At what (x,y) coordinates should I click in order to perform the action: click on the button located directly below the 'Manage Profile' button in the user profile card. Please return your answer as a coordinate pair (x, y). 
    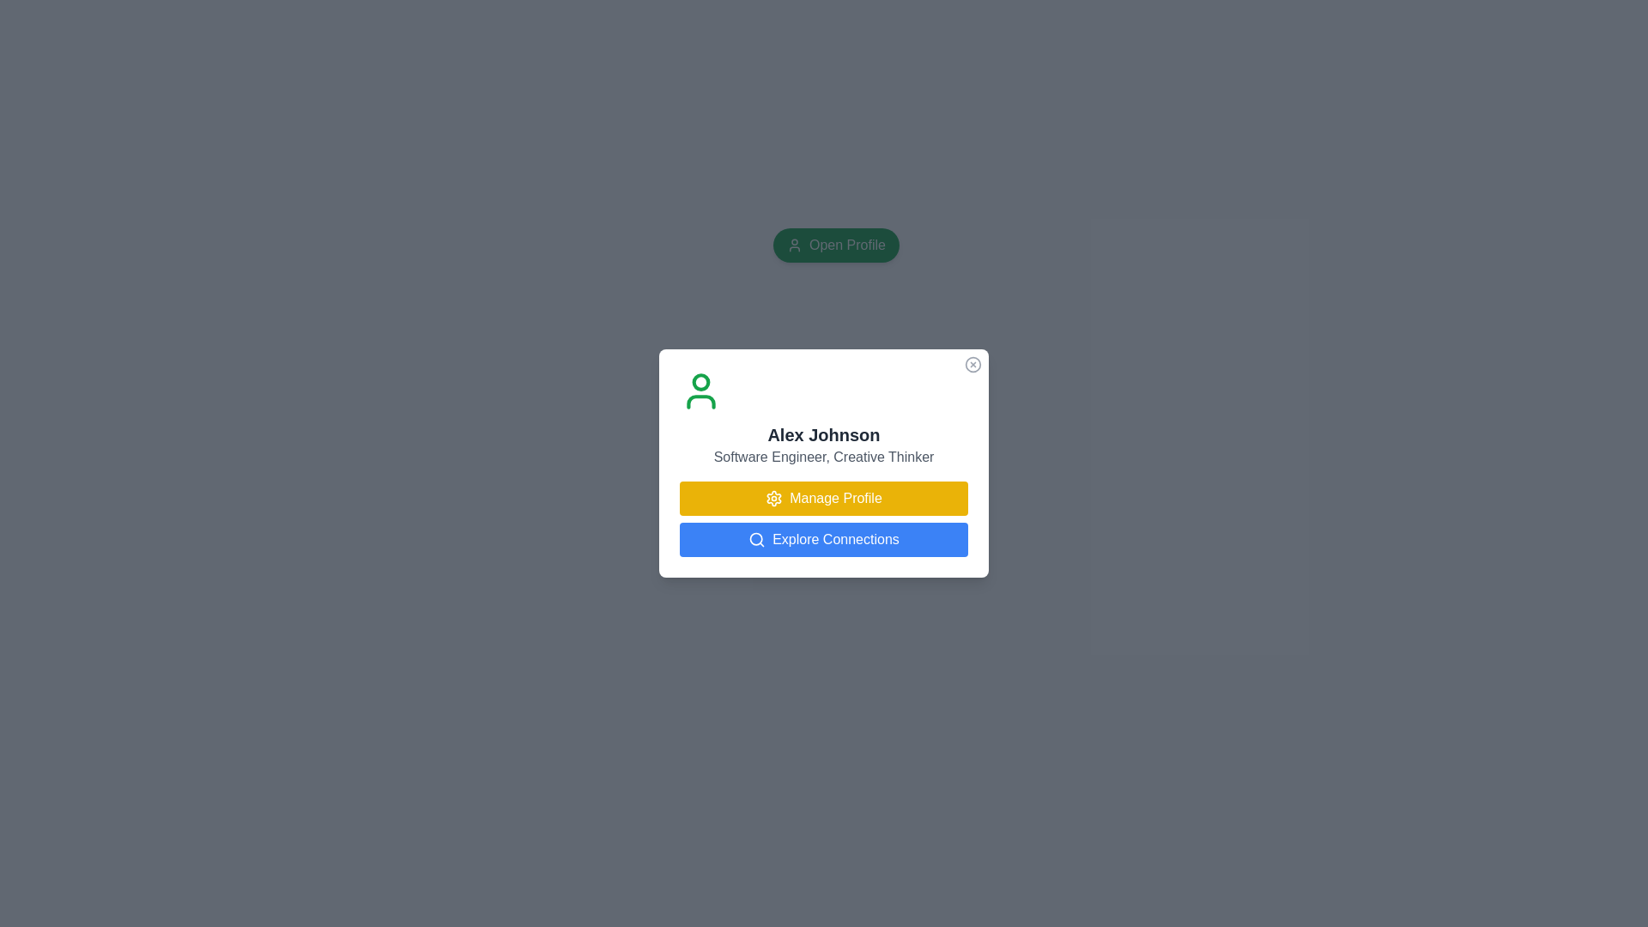
    Looking at the image, I should click on (824, 538).